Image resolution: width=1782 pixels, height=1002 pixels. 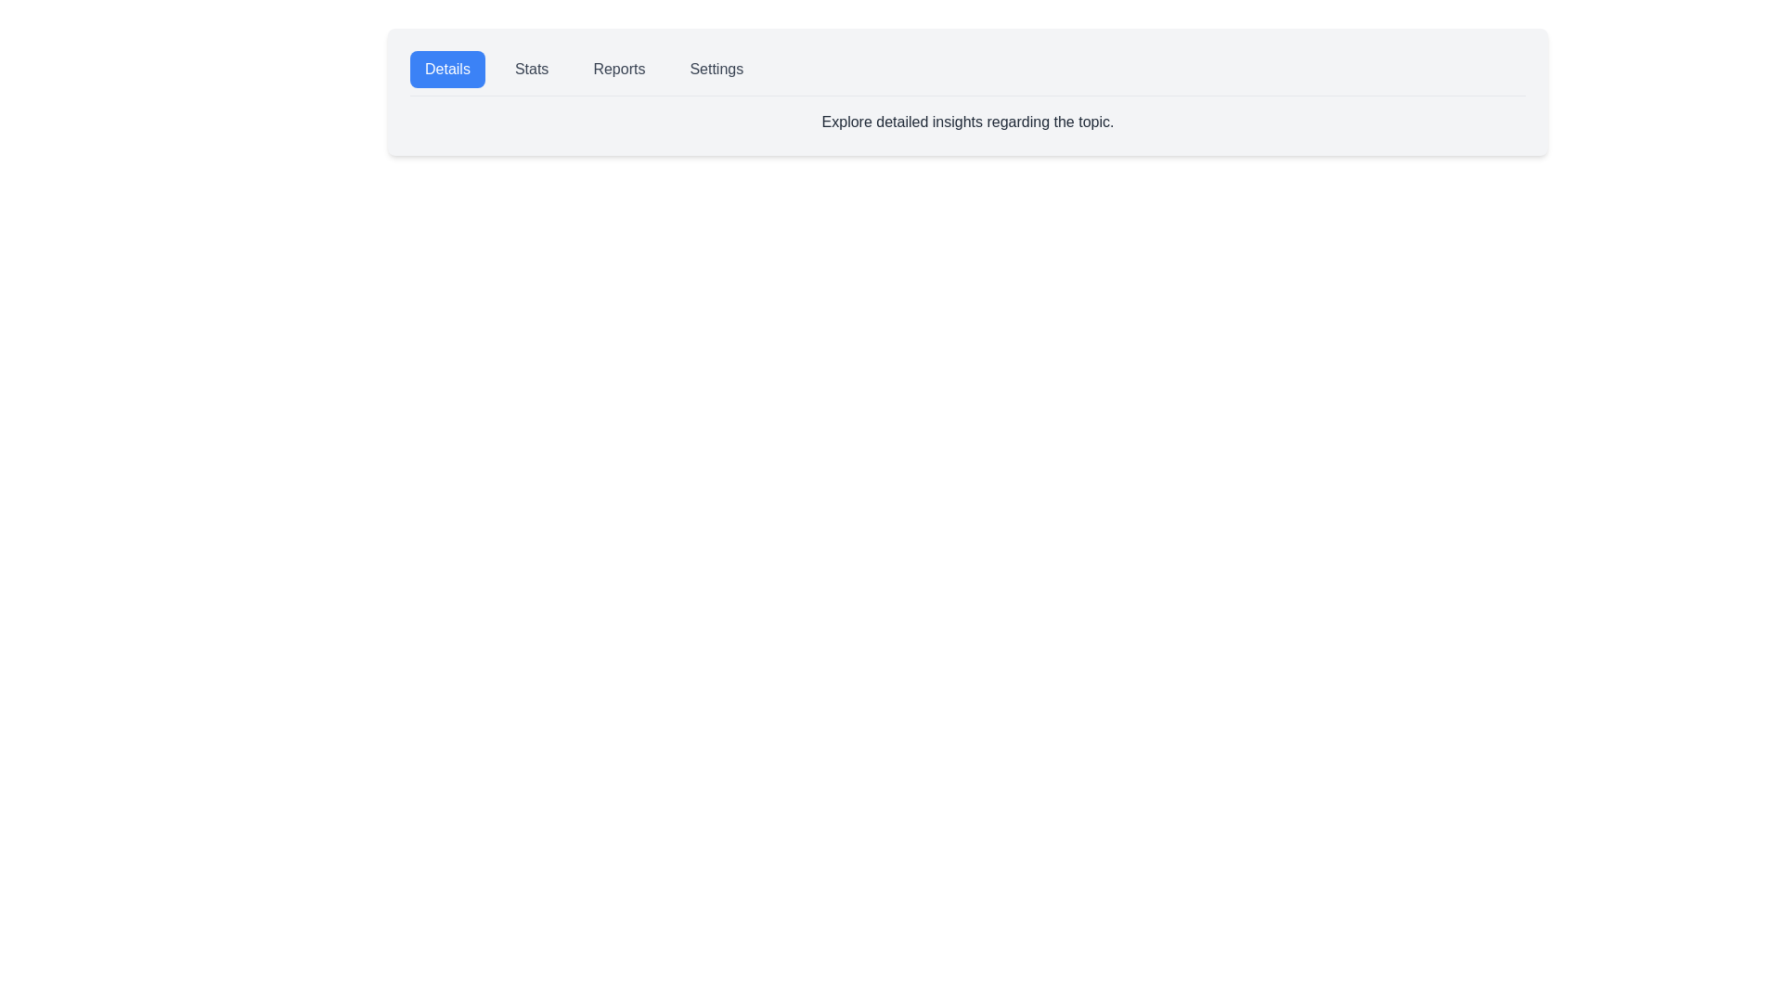 I want to click on the Reports tab, so click(x=619, y=68).